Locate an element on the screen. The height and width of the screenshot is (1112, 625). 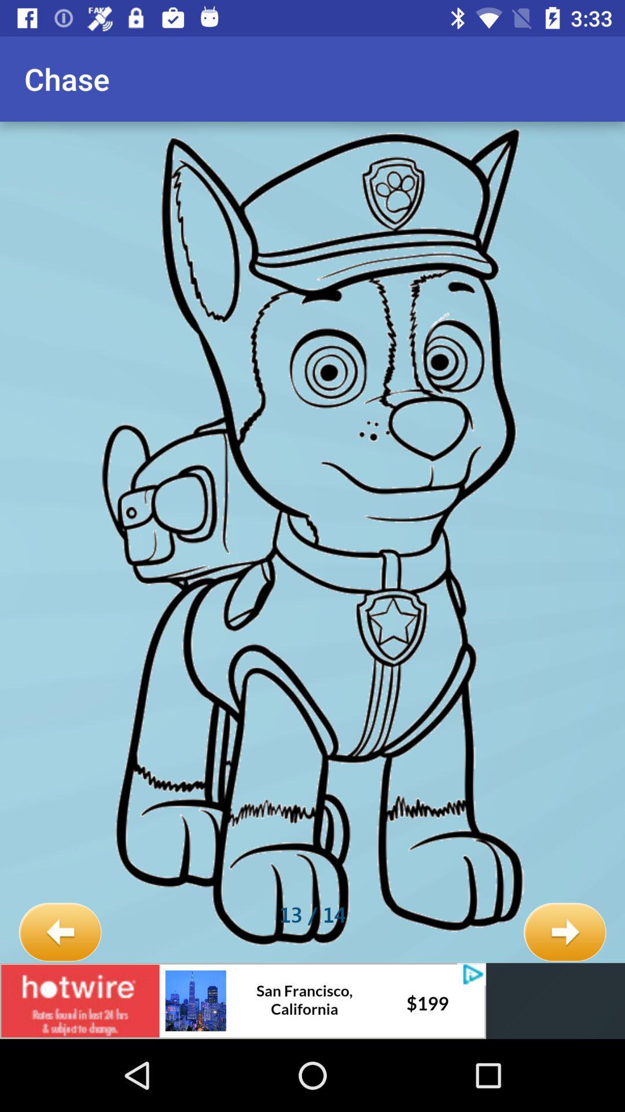
the icon at the bottom right corner is located at coordinates (564, 932).